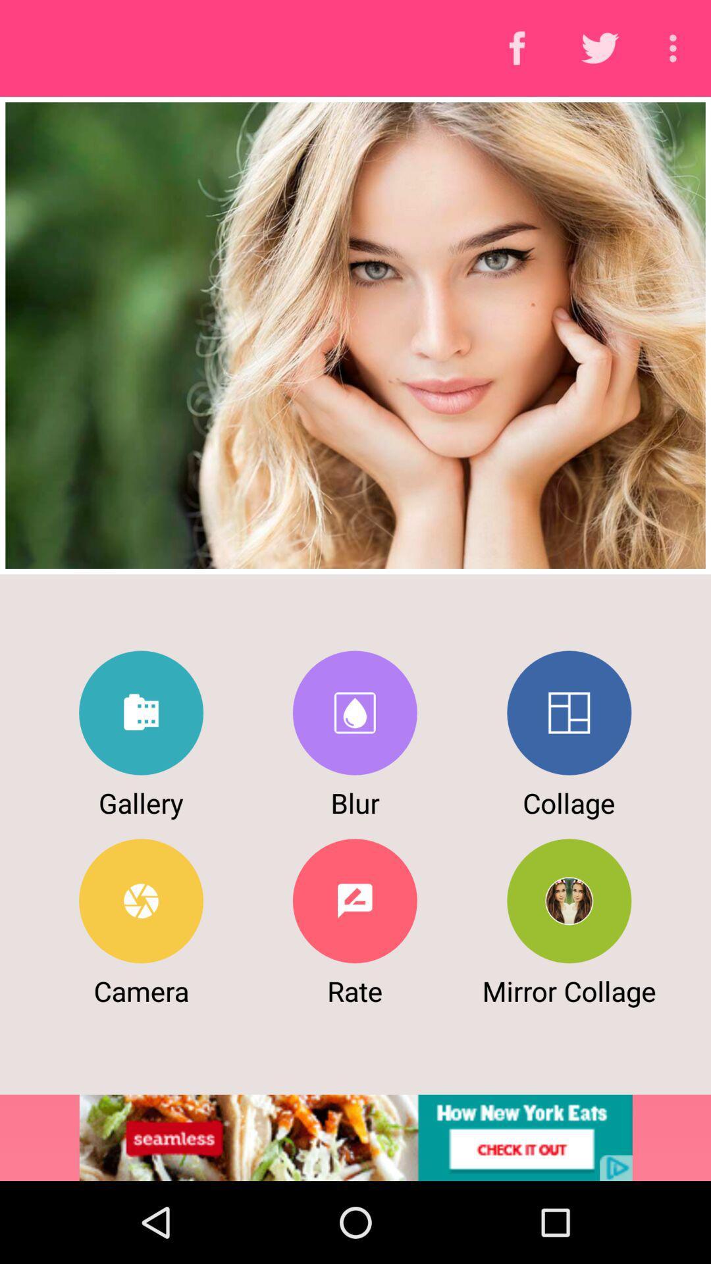 This screenshot has height=1264, width=711. What do you see at coordinates (568, 900) in the screenshot?
I see `the globe icon` at bounding box center [568, 900].